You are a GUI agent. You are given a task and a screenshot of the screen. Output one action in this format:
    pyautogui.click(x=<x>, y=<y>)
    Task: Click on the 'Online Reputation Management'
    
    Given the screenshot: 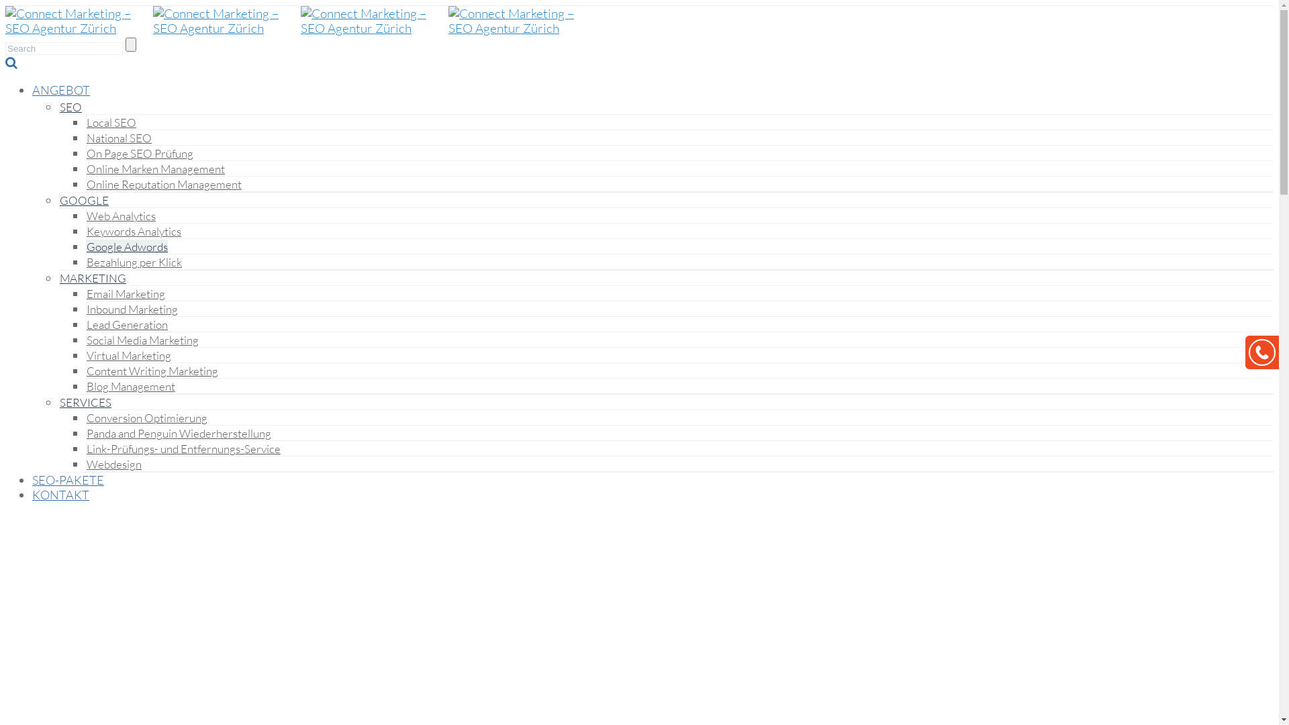 What is the action you would take?
    pyautogui.click(x=85, y=184)
    